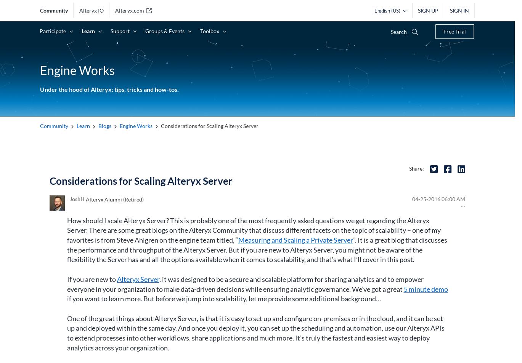 The width and height of the screenshot is (522, 363). I want to click on 'Groups & Events', so click(165, 30).